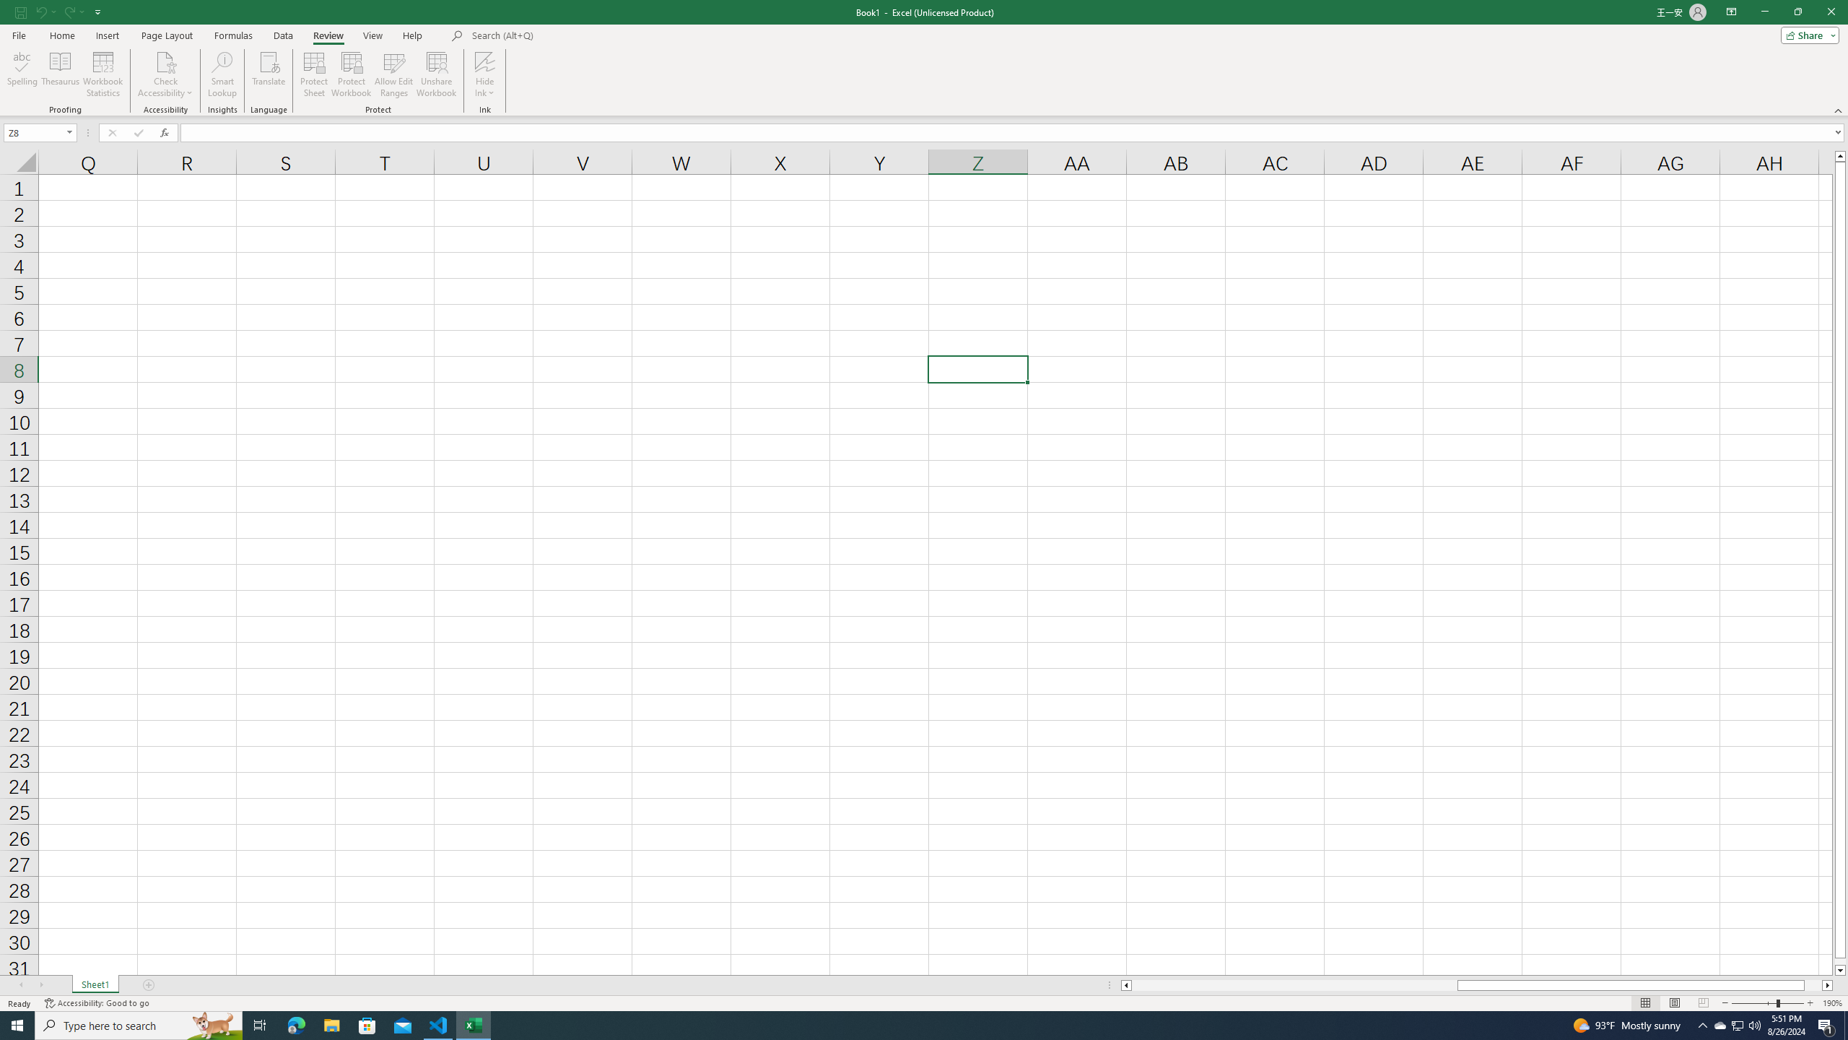 This screenshot has width=1848, height=1040. What do you see at coordinates (351, 74) in the screenshot?
I see `'Protect Workbook...'` at bounding box center [351, 74].